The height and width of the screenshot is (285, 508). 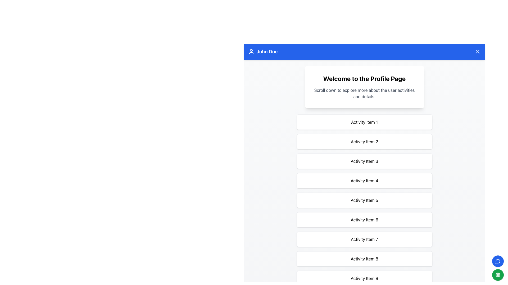 What do you see at coordinates (364, 200) in the screenshot?
I see `the Button-like list item representing 'Activity Item 5'` at bounding box center [364, 200].